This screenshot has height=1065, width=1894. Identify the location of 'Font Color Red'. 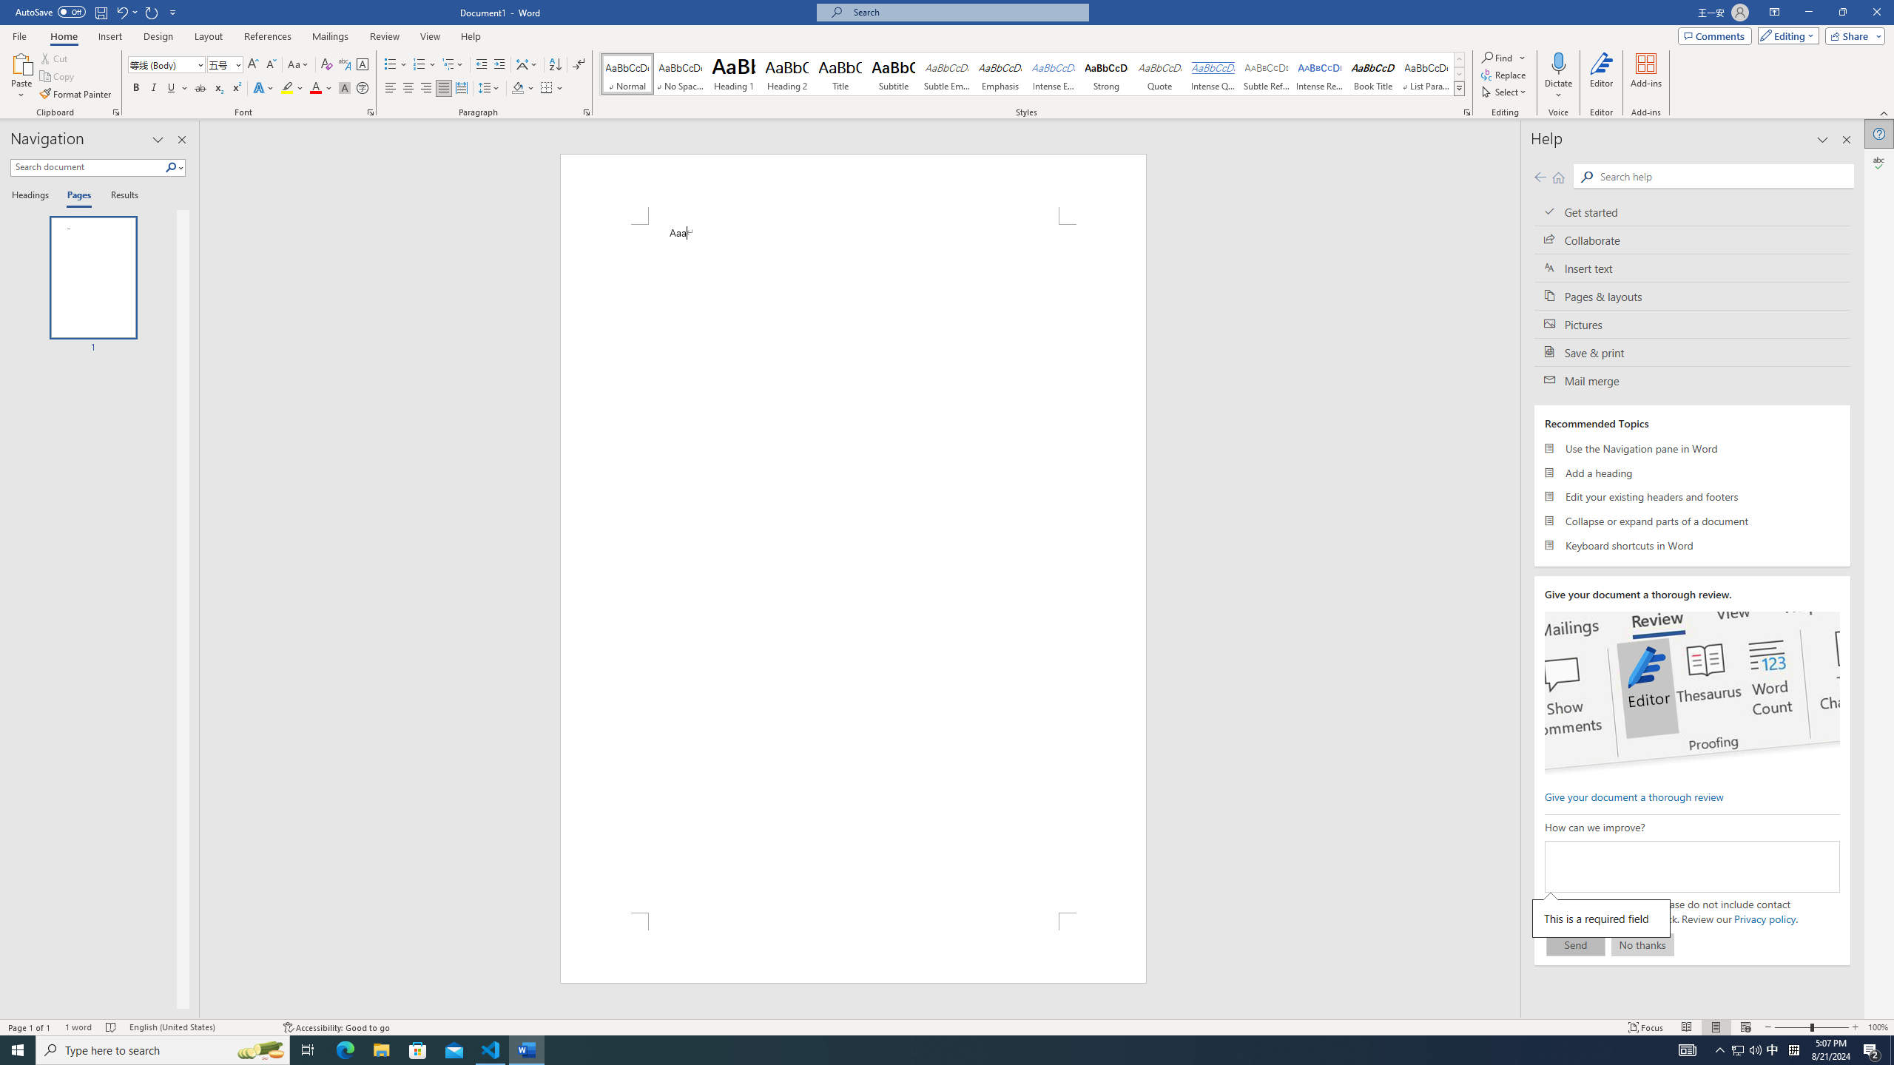
(314, 87).